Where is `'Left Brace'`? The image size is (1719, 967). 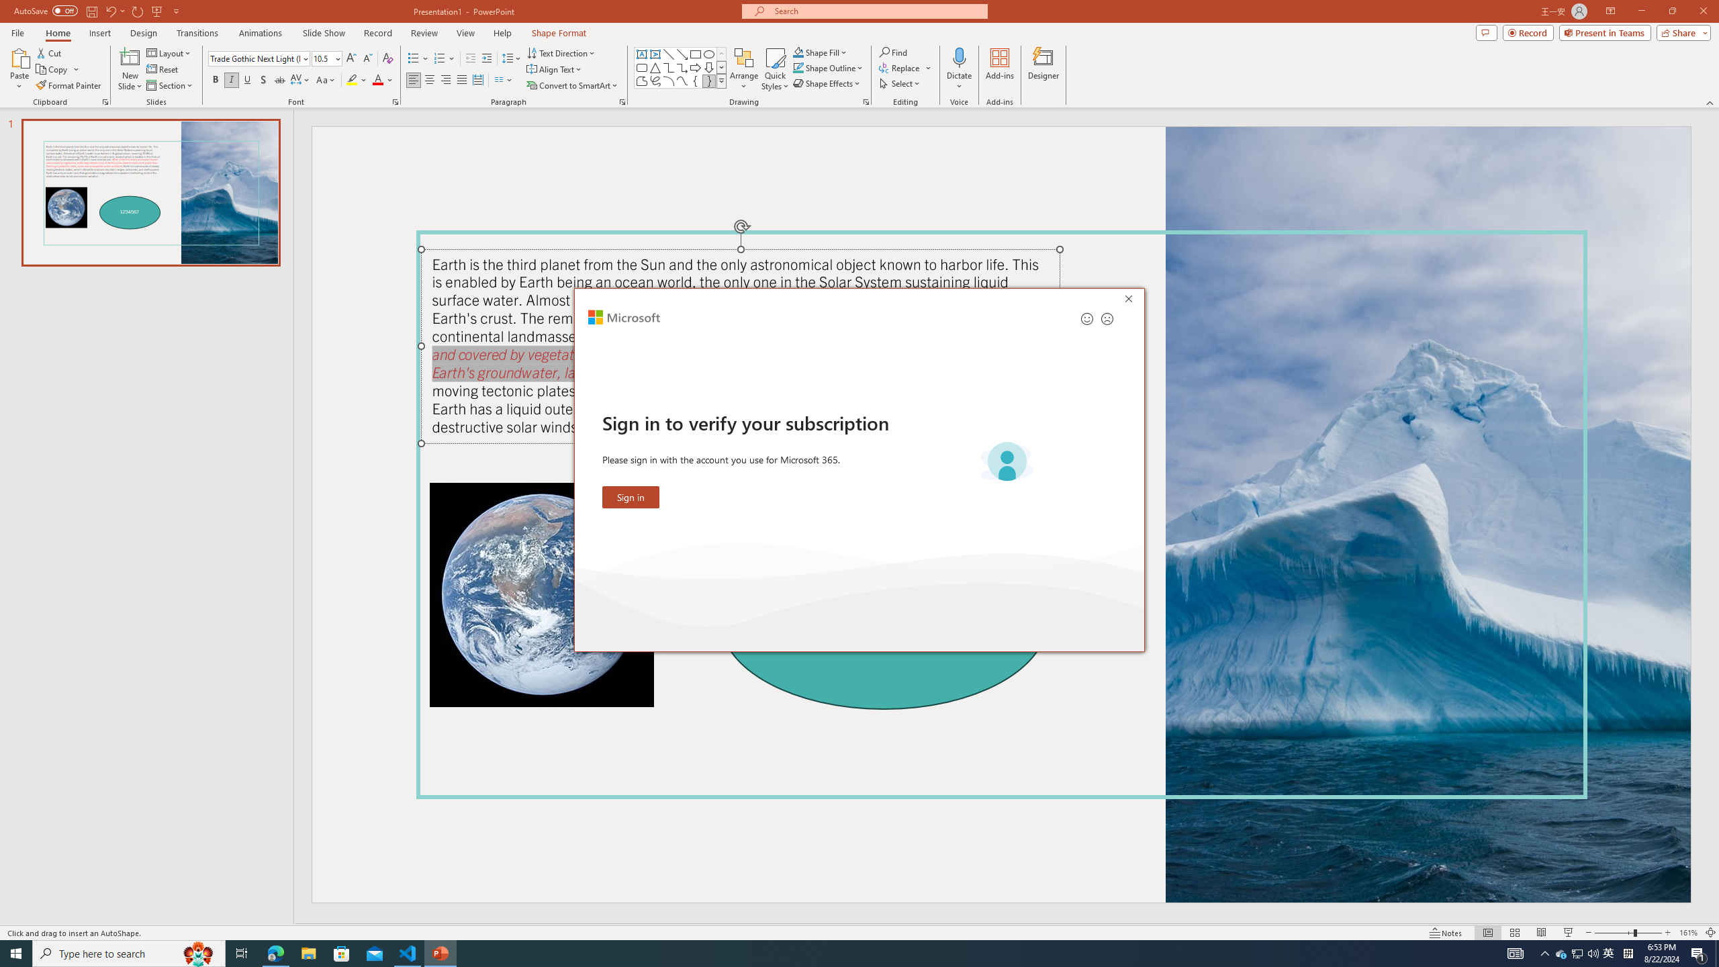 'Left Brace' is located at coordinates (695, 80).